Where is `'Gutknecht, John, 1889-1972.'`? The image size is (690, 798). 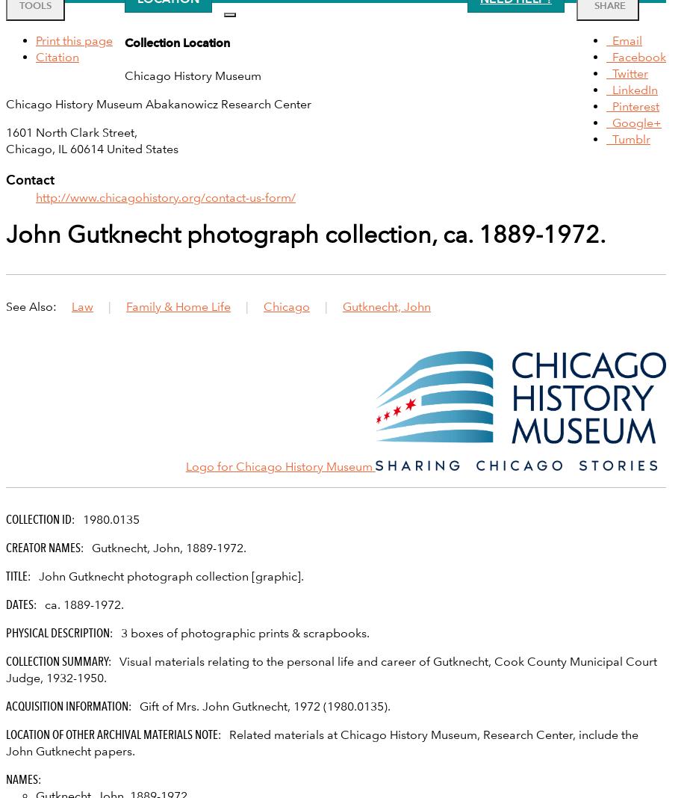
'Gutknecht, John, 1889-1972.' is located at coordinates (91, 547).